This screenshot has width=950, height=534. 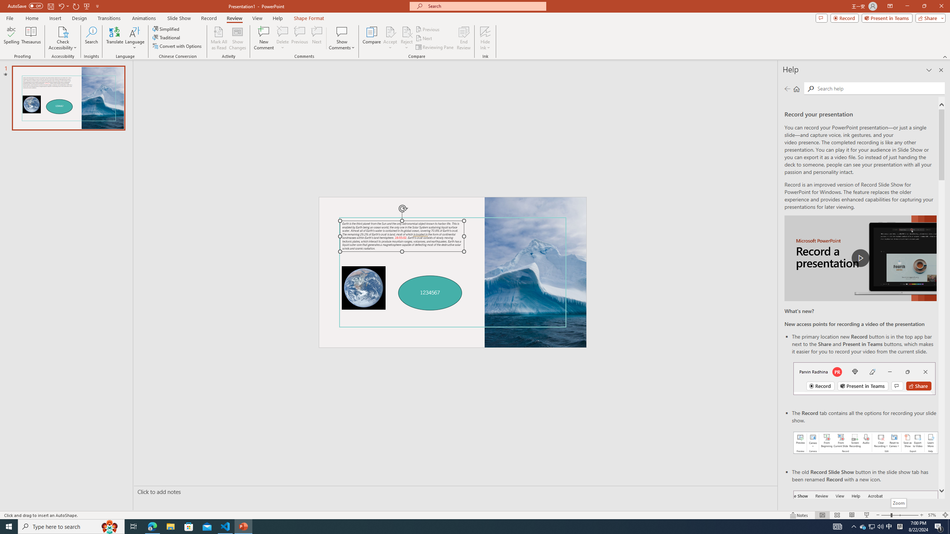 I want to click on 'Zoom 57%', so click(x=933, y=515).